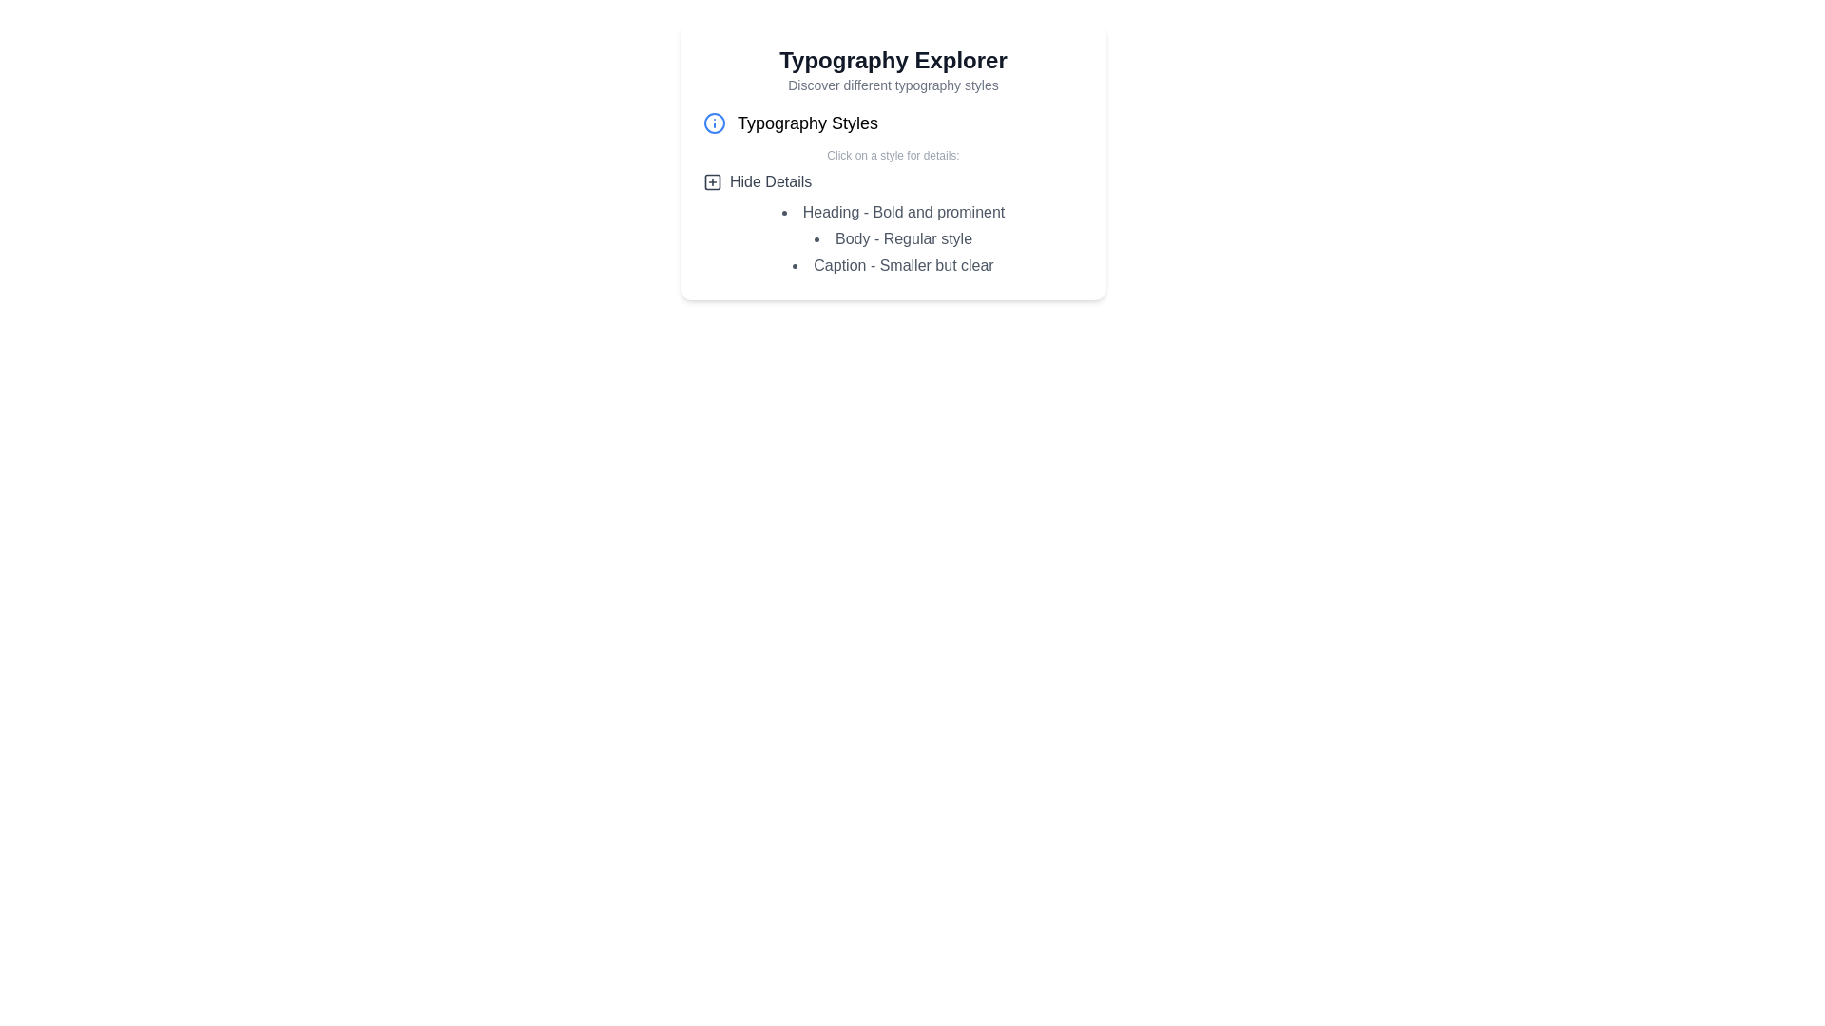 The image size is (1825, 1026). Describe the element at coordinates (893, 266) in the screenshot. I see `text content of the element displaying 'Caption - Smaller but clear', which is a muted gray text styled in a smaller font size, located below the 'Heading - Bold and prominent' and 'Body - Regular style' items in the Typography Styles section` at that location.